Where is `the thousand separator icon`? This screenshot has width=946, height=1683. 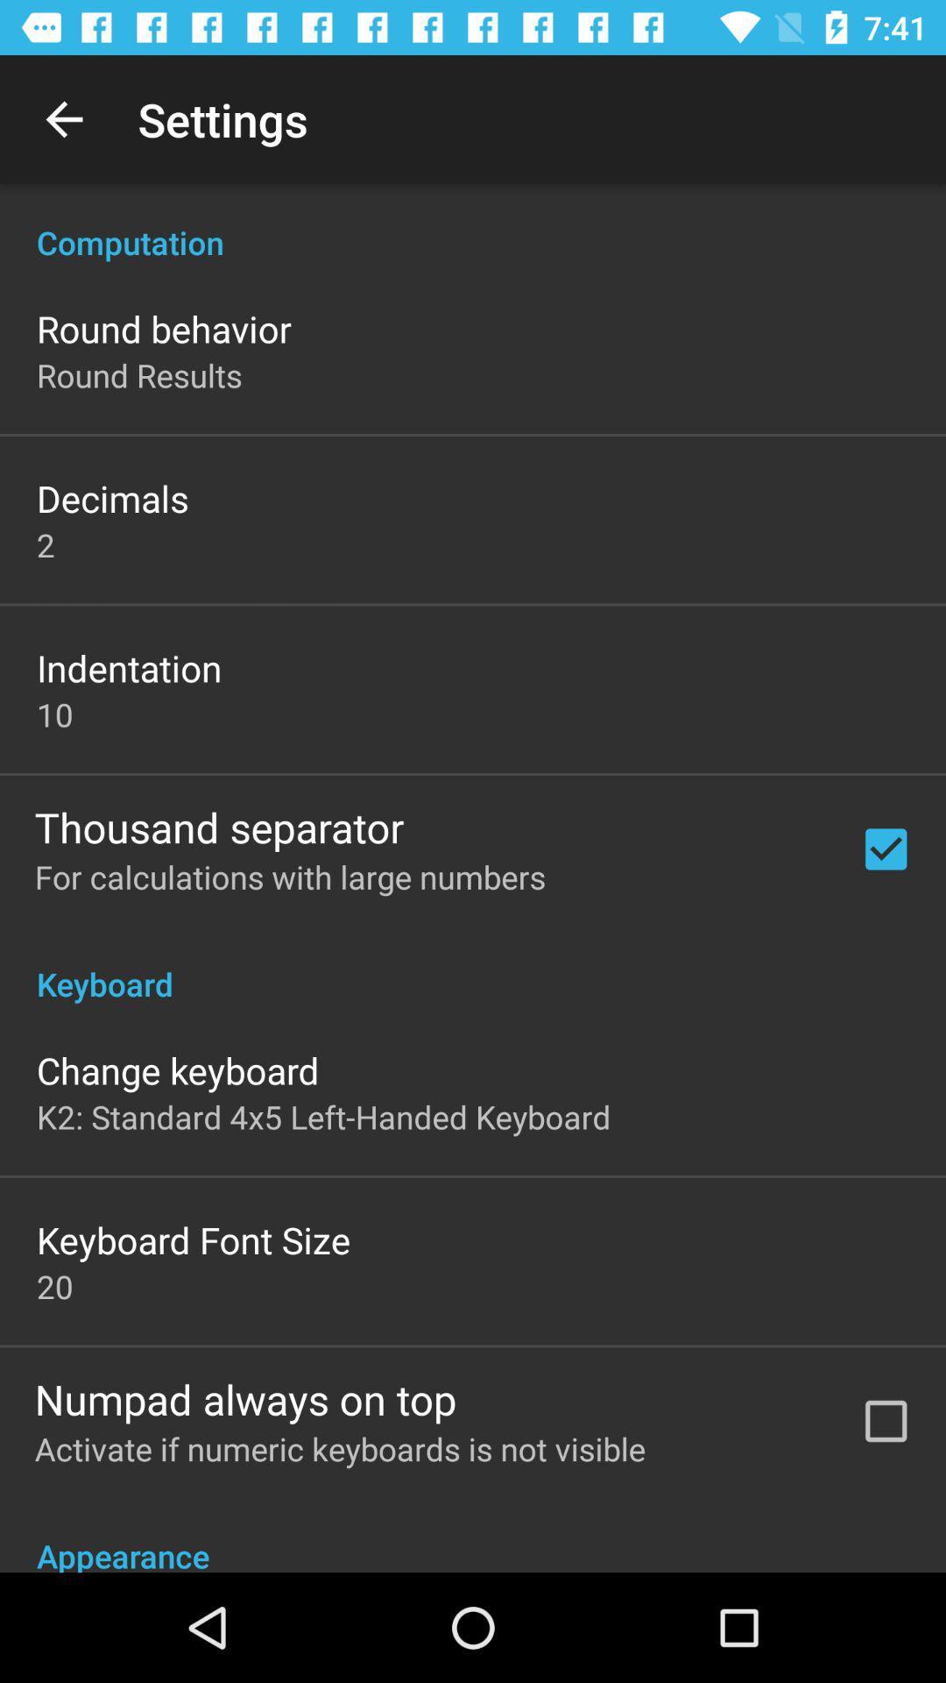 the thousand separator icon is located at coordinates (218, 826).